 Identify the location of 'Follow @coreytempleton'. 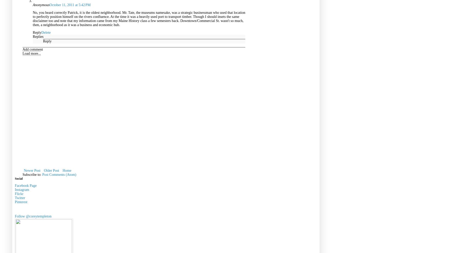
(15, 216).